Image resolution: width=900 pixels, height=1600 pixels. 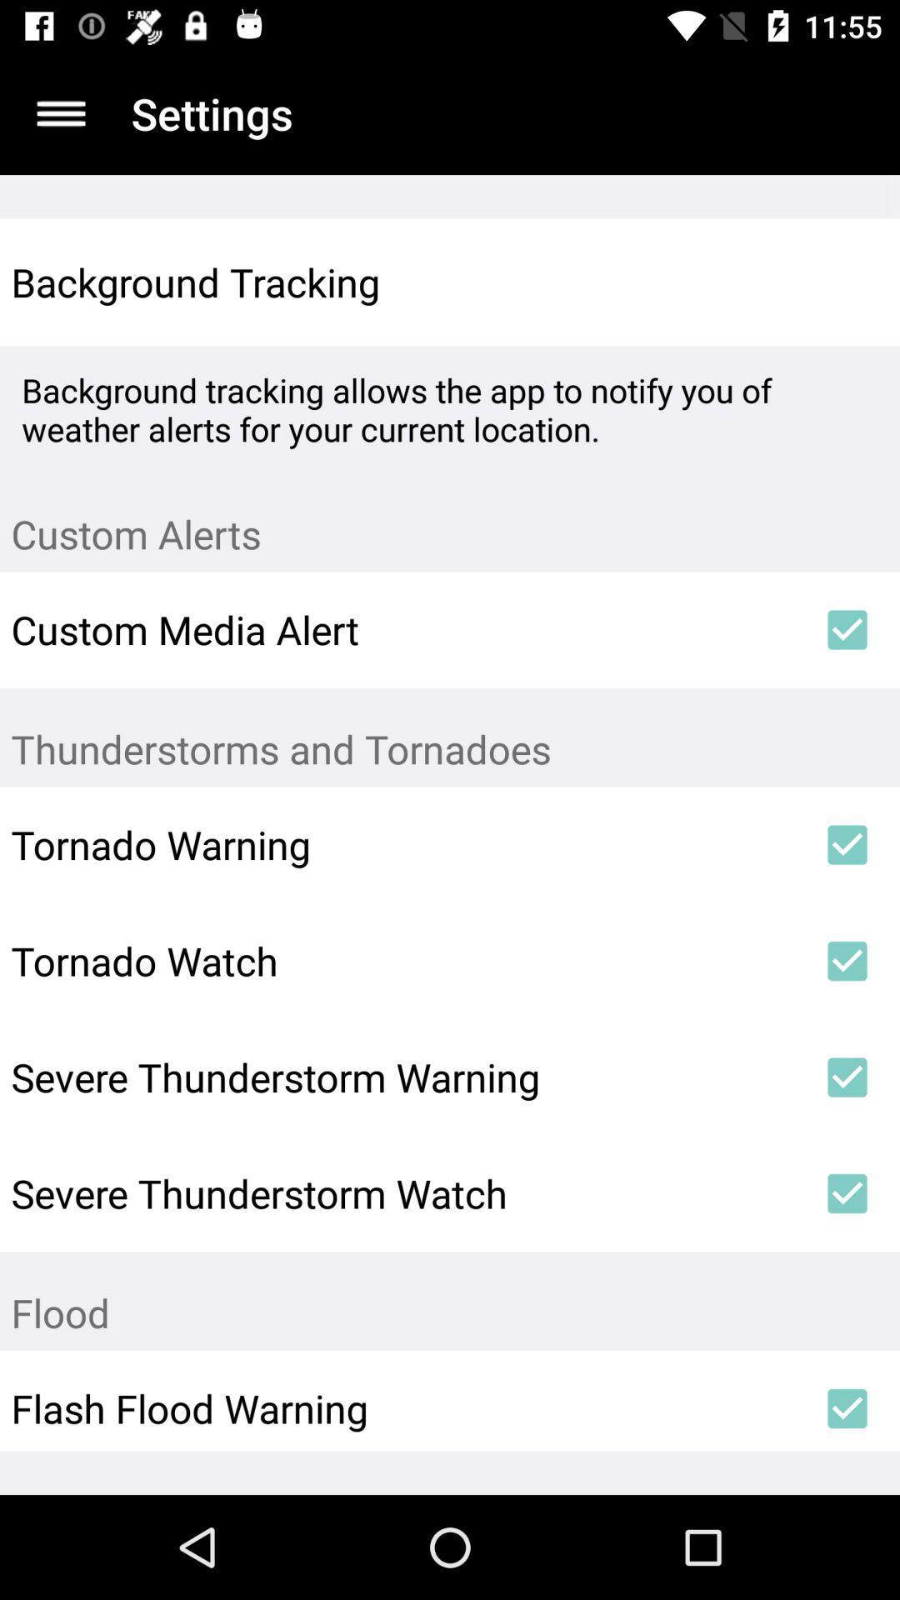 What do you see at coordinates (60, 112) in the screenshot?
I see `sidebar` at bounding box center [60, 112].